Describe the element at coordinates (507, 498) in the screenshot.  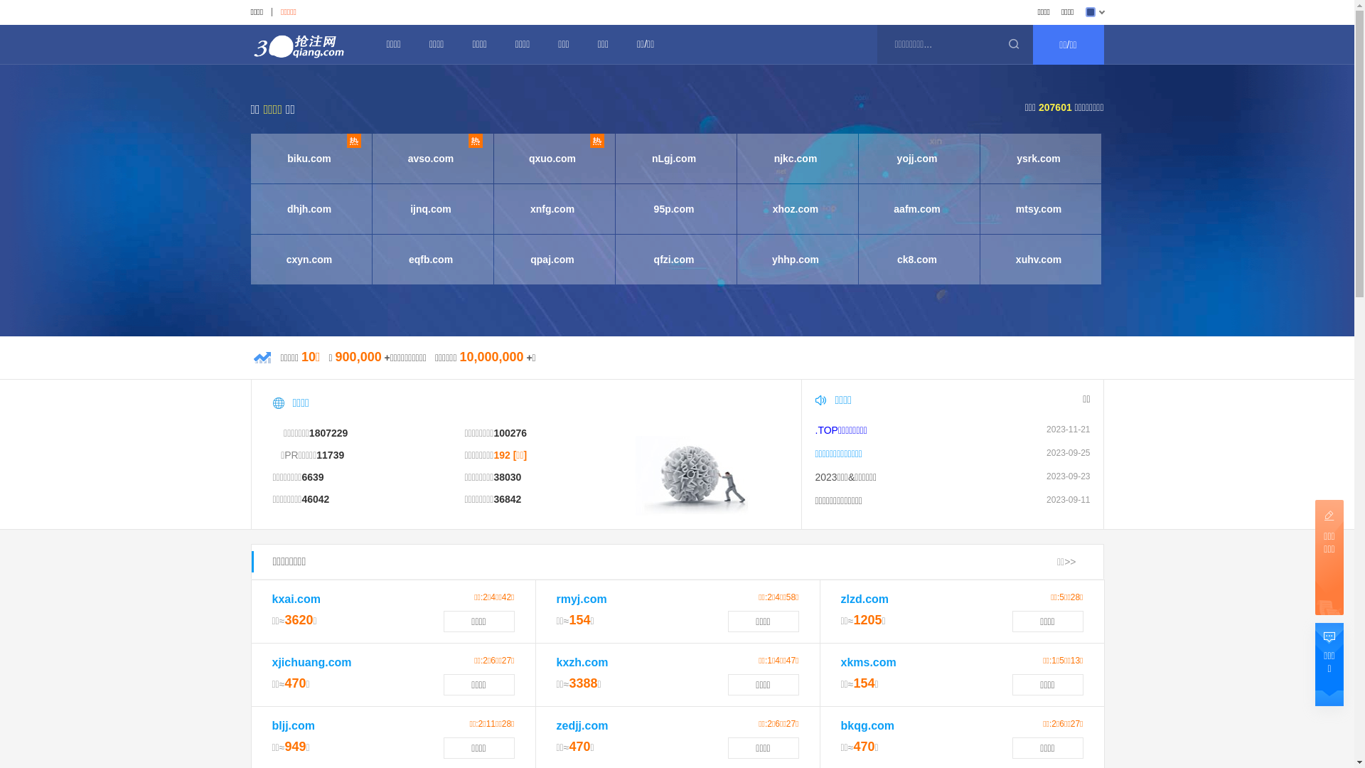
I see `'36842'` at that location.